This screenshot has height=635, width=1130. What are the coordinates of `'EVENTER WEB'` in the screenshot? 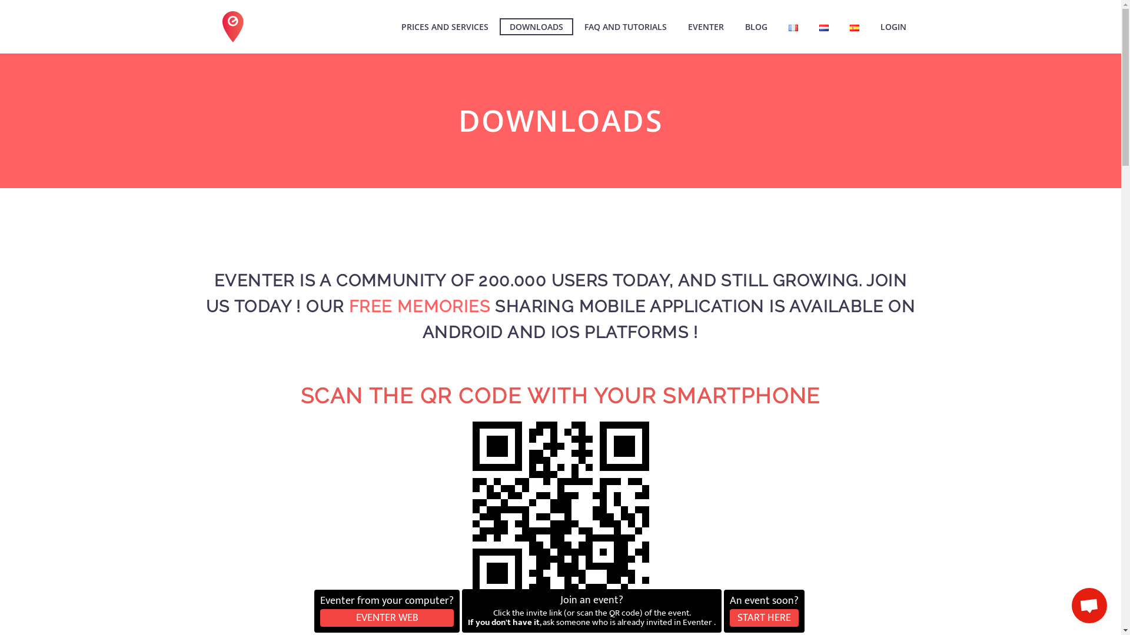 It's located at (387, 617).